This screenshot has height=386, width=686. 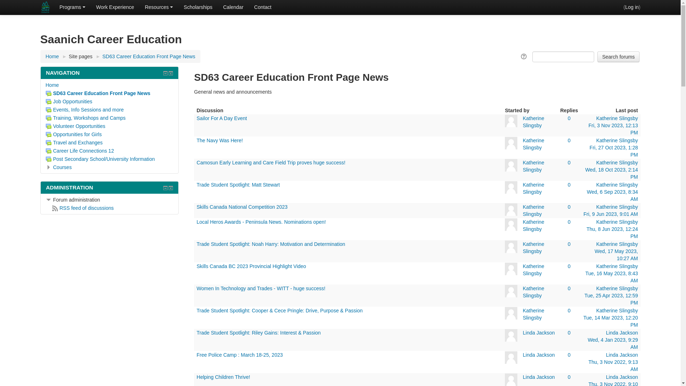 I want to click on 'Programs', so click(x=72, y=7).